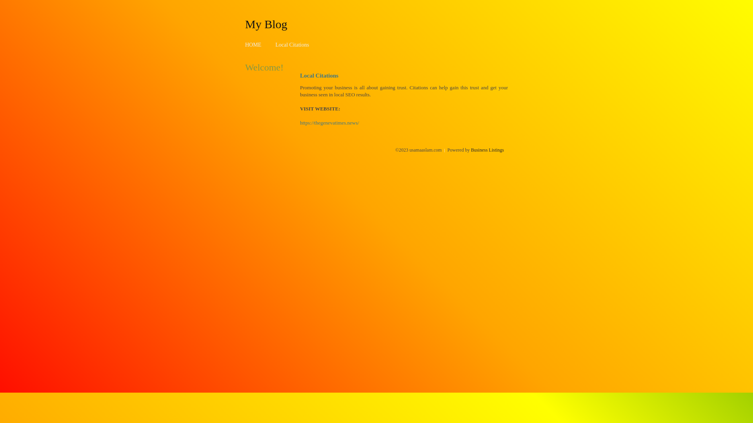 The image size is (753, 423). What do you see at coordinates (253, 45) in the screenshot?
I see `'HOME'` at bounding box center [253, 45].